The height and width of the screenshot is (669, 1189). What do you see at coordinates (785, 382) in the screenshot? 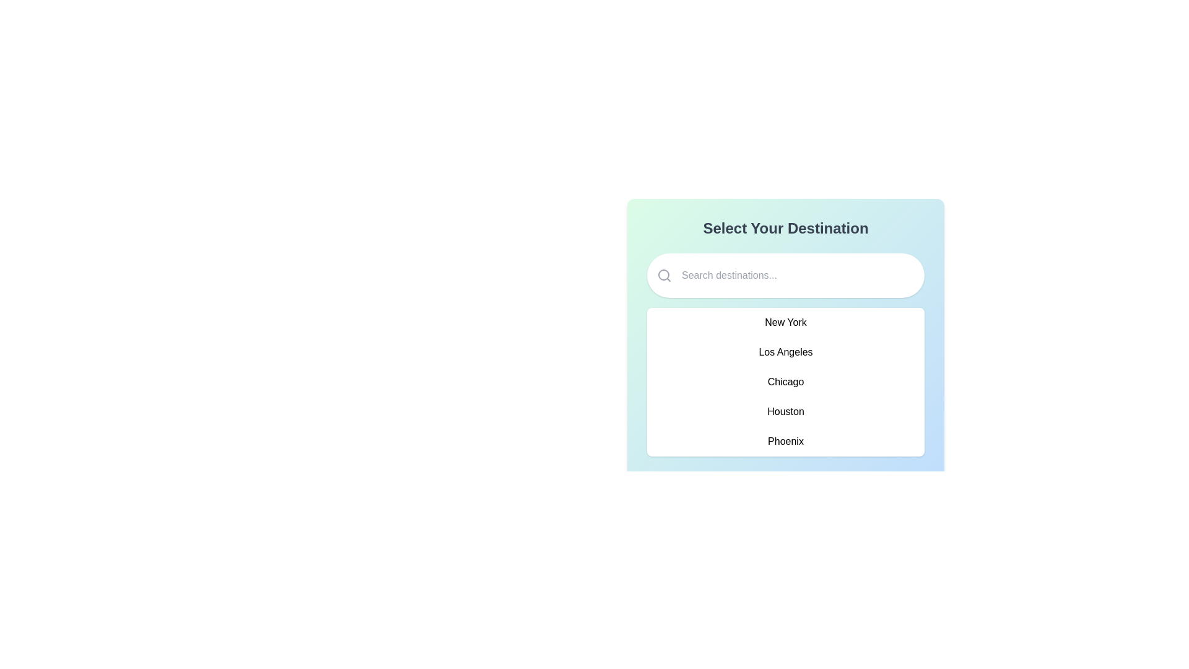
I see `the list item displaying 'Chicago', which is the third item in a vertically aligned list of destinations` at bounding box center [785, 382].